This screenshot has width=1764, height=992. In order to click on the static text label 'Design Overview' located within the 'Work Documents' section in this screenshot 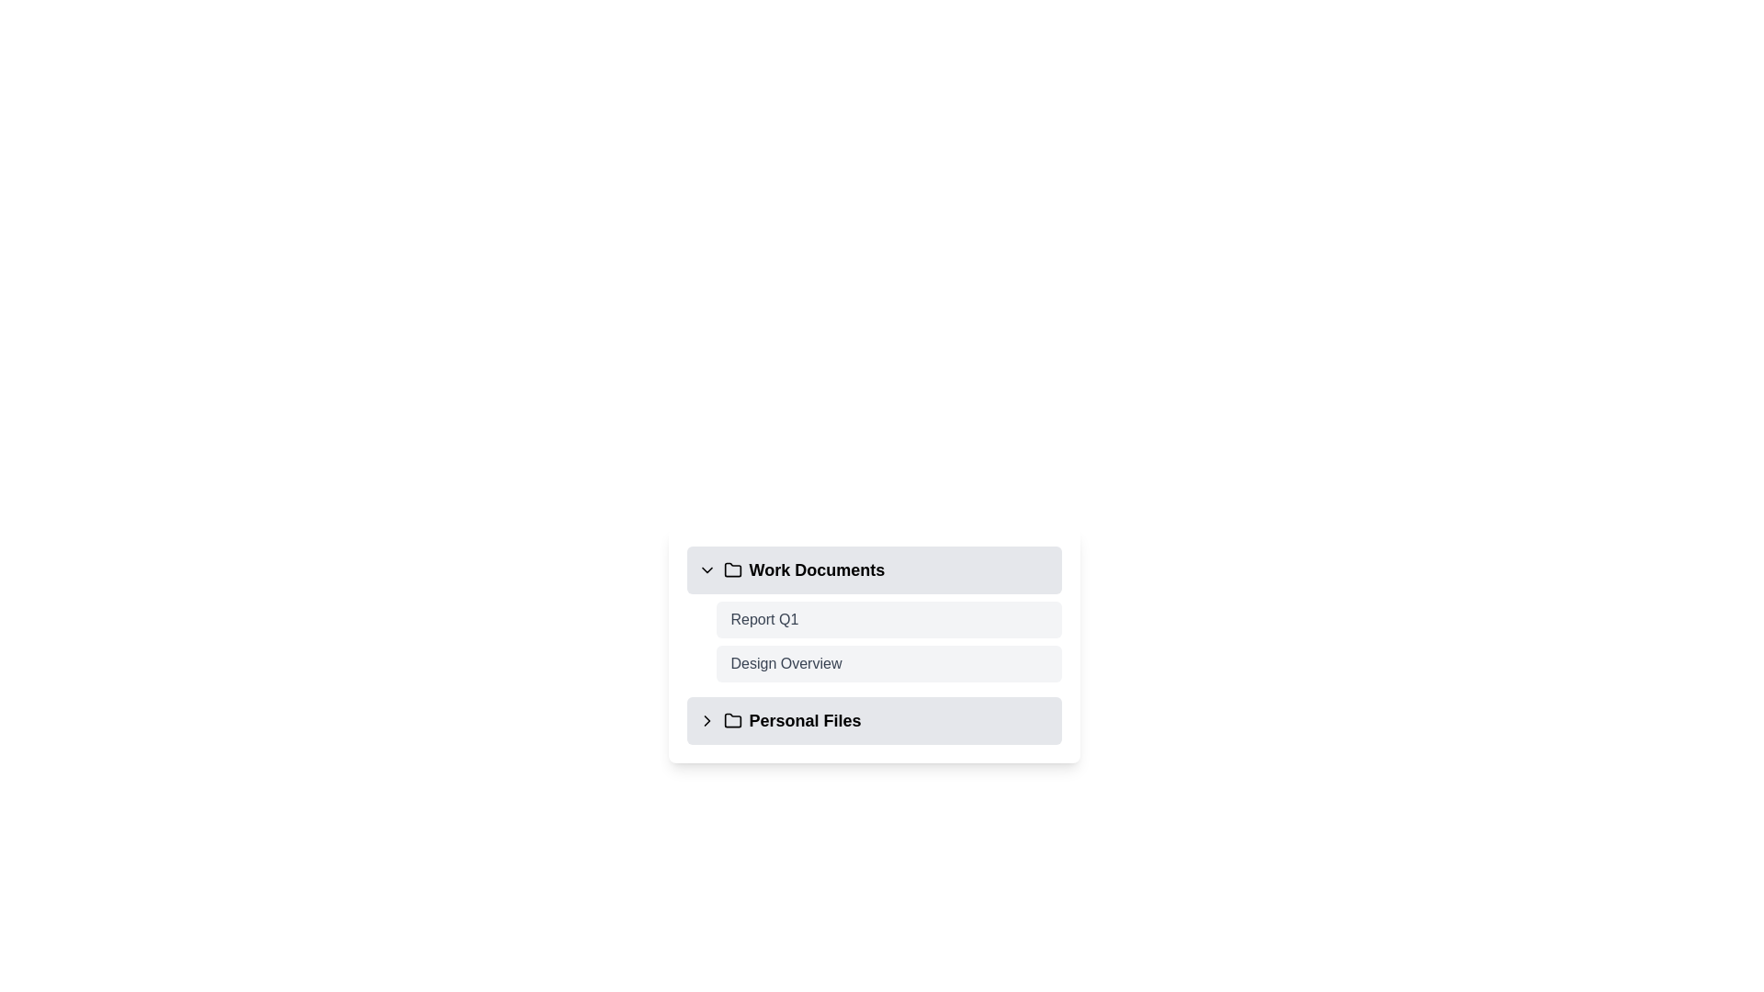, I will do `click(786, 663)`.